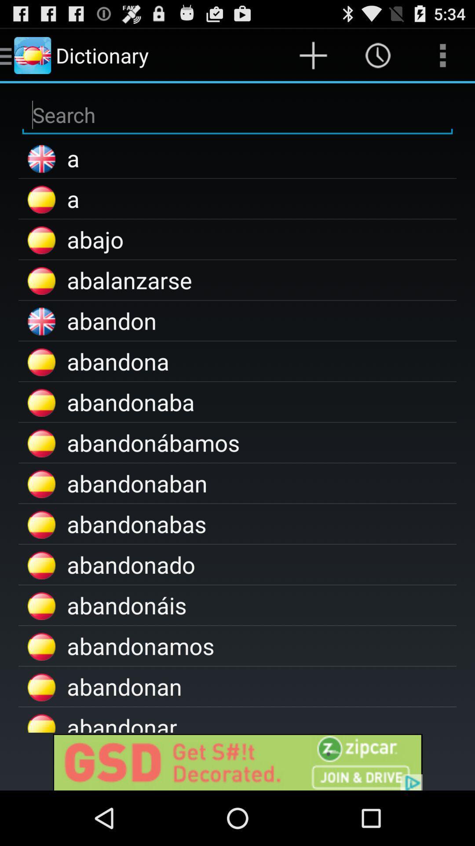 Image resolution: width=475 pixels, height=846 pixels. I want to click on search term, so click(237, 115).